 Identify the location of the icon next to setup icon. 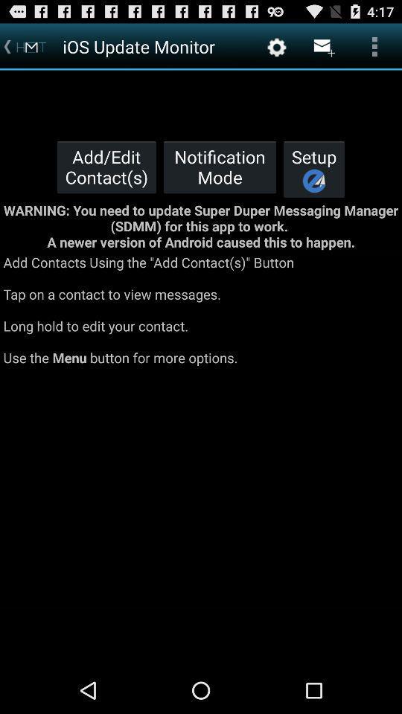
(219, 167).